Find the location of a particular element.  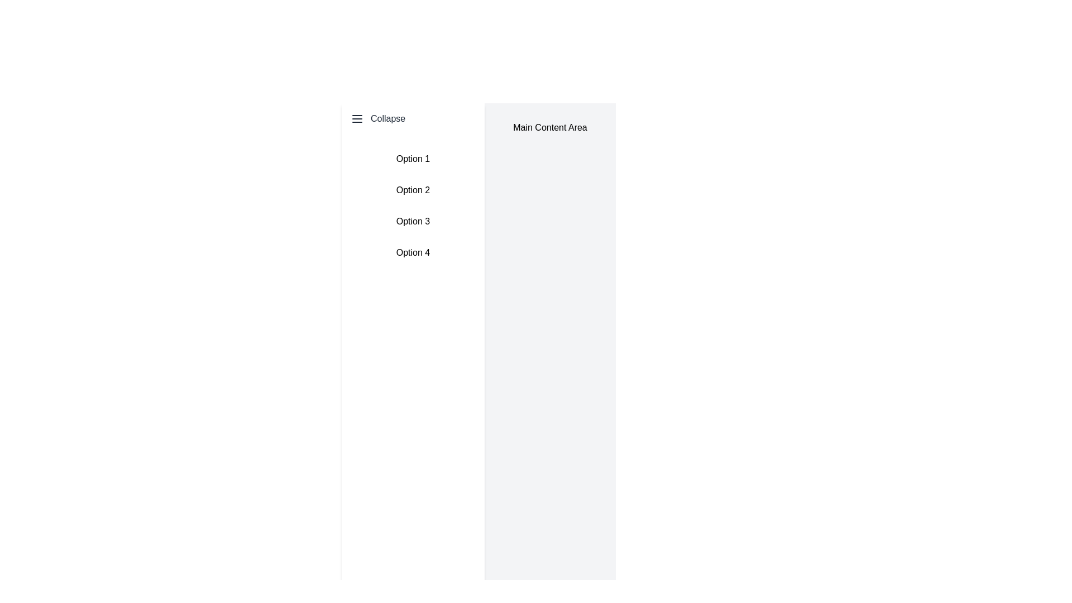

the clickable menu item labeled 'Option 2' to change its style by triggering the hover effect is located at coordinates (412, 189).